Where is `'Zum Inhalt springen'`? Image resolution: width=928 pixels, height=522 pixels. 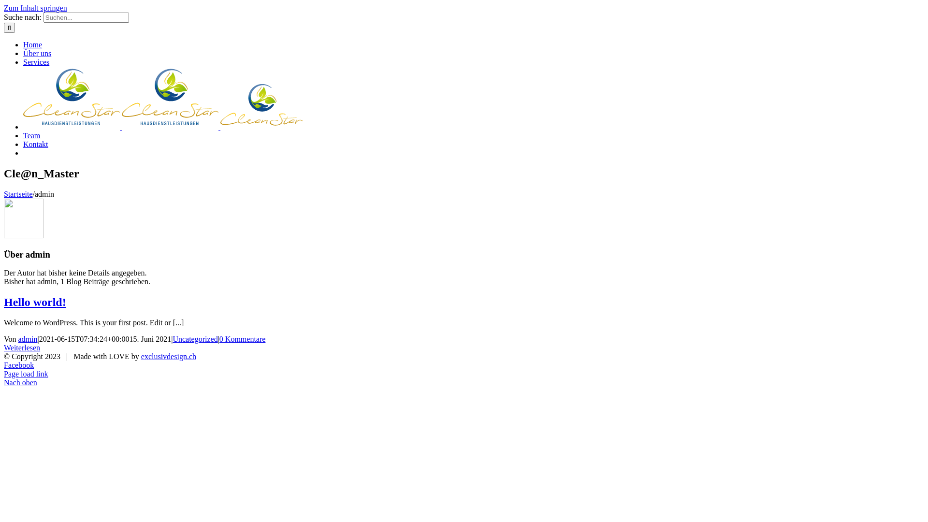
'Zum Inhalt springen' is located at coordinates (35, 8).